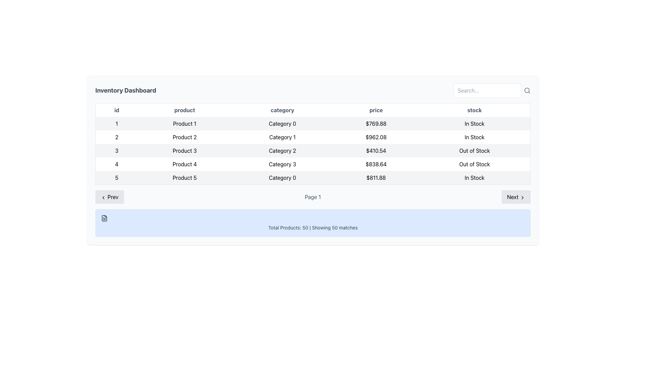  What do you see at coordinates (110, 197) in the screenshot?
I see `the 'Prev' button with a light gray background and a leftward-facing arrow icon` at bounding box center [110, 197].